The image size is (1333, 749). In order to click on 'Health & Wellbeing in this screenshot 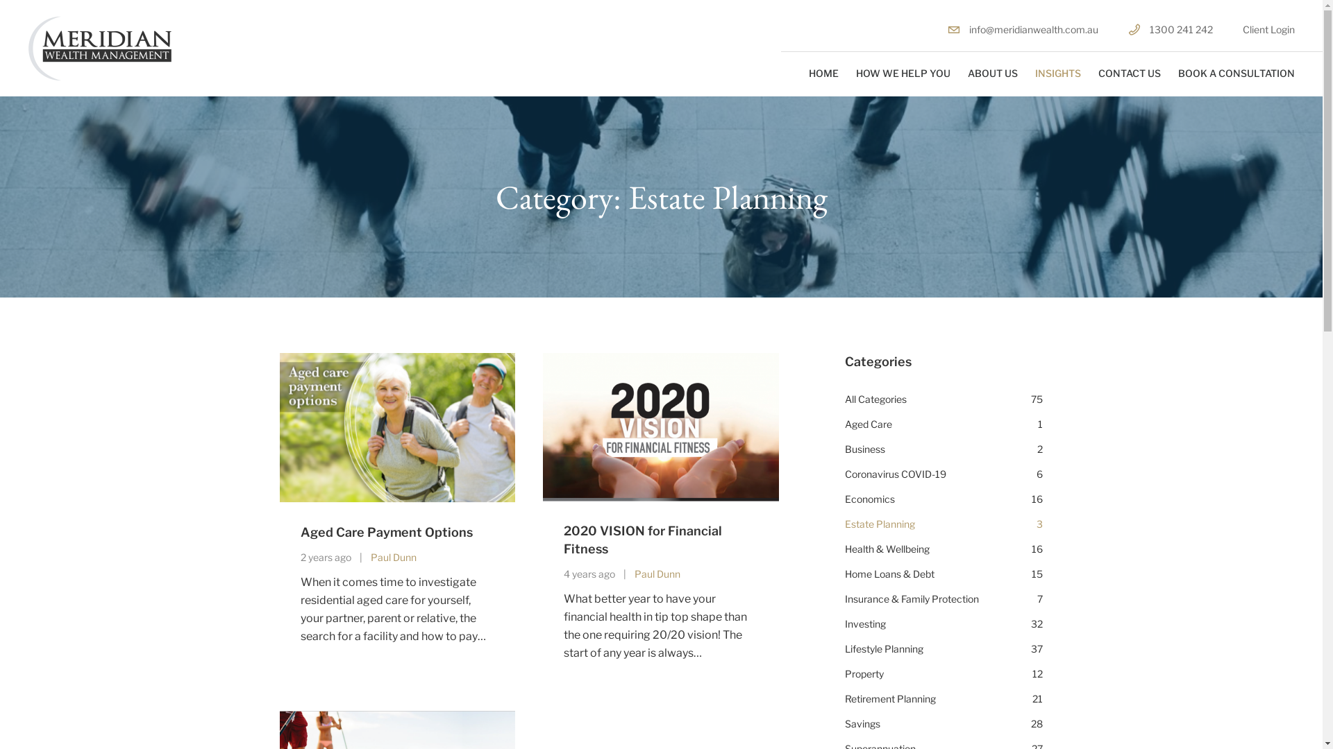, I will do `click(944, 548)`.